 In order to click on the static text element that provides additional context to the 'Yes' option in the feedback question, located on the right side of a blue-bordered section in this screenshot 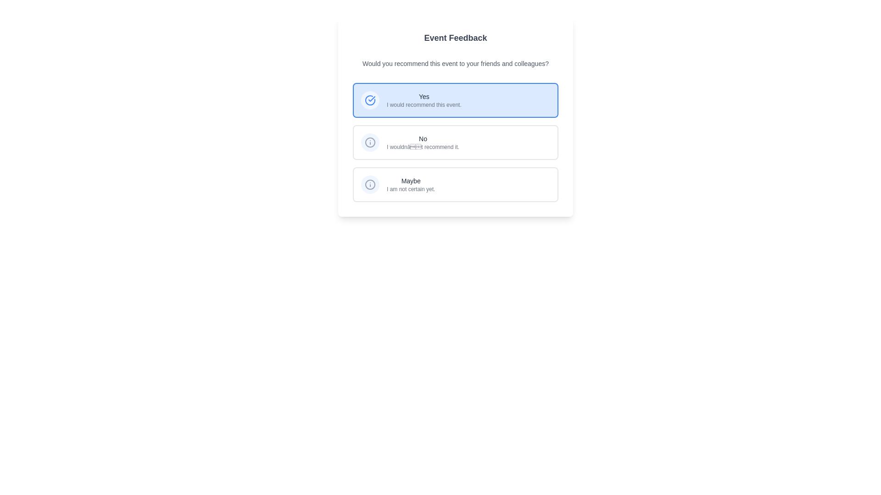, I will do `click(424, 104)`.